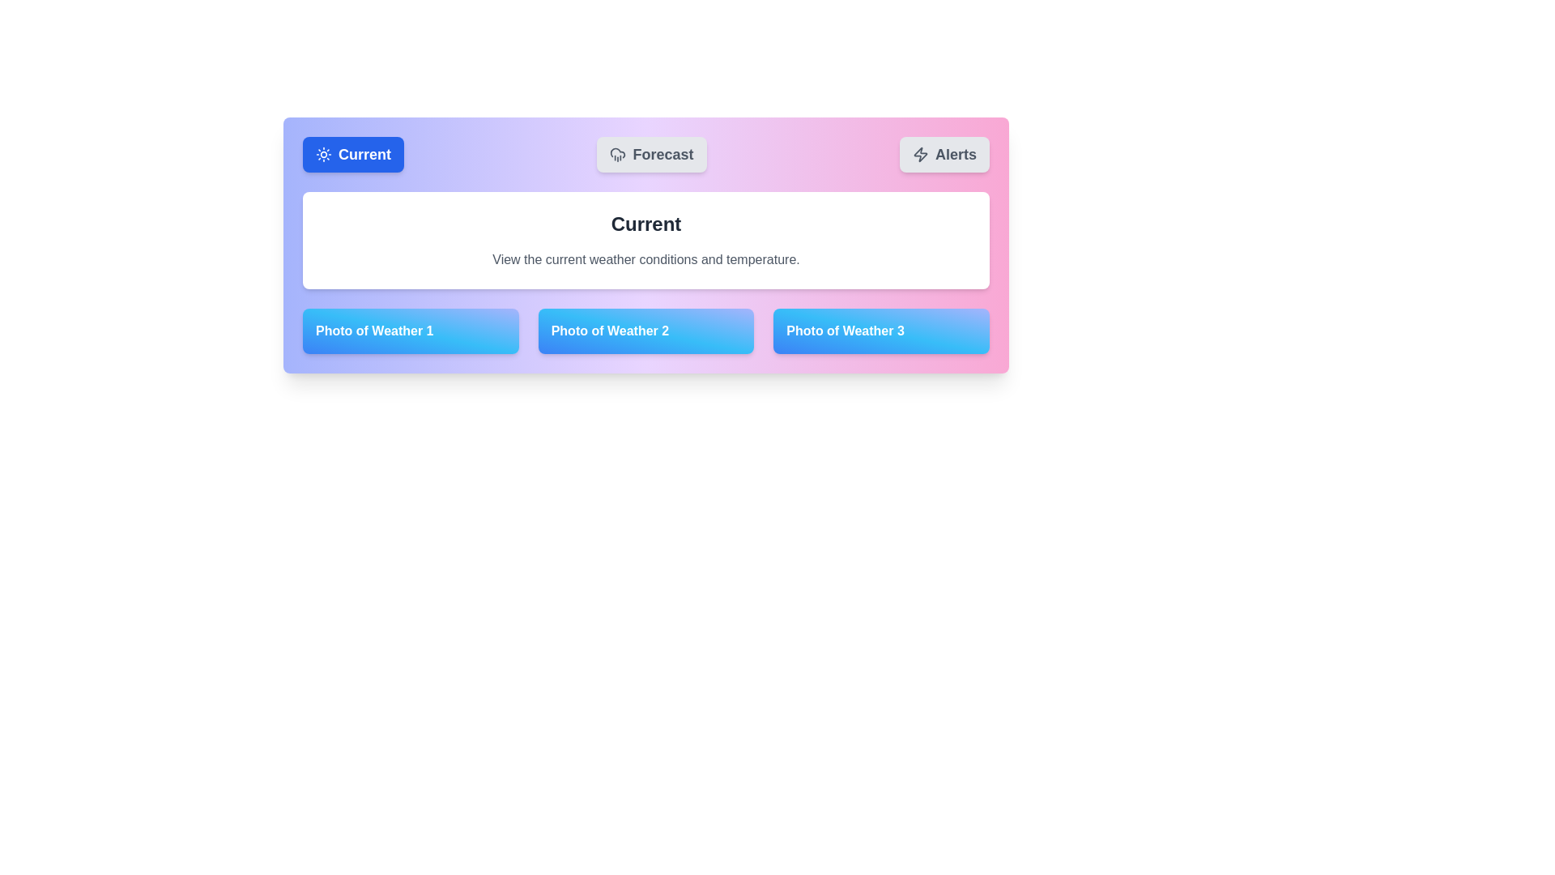  Describe the element at coordinates (352, 155) in the screenshot. I see `the button with a blue background and white text reading 'Current', which is the leftmost button in a horizontal group of buttons labeled 'Current', 'Forecast', and 'Alerts'` at that location.